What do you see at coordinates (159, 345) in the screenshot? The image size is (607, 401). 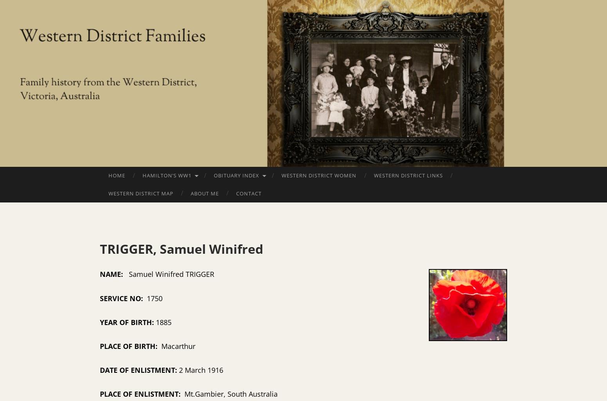 I see `'Macarthur'` at bounding box center [159, 345].